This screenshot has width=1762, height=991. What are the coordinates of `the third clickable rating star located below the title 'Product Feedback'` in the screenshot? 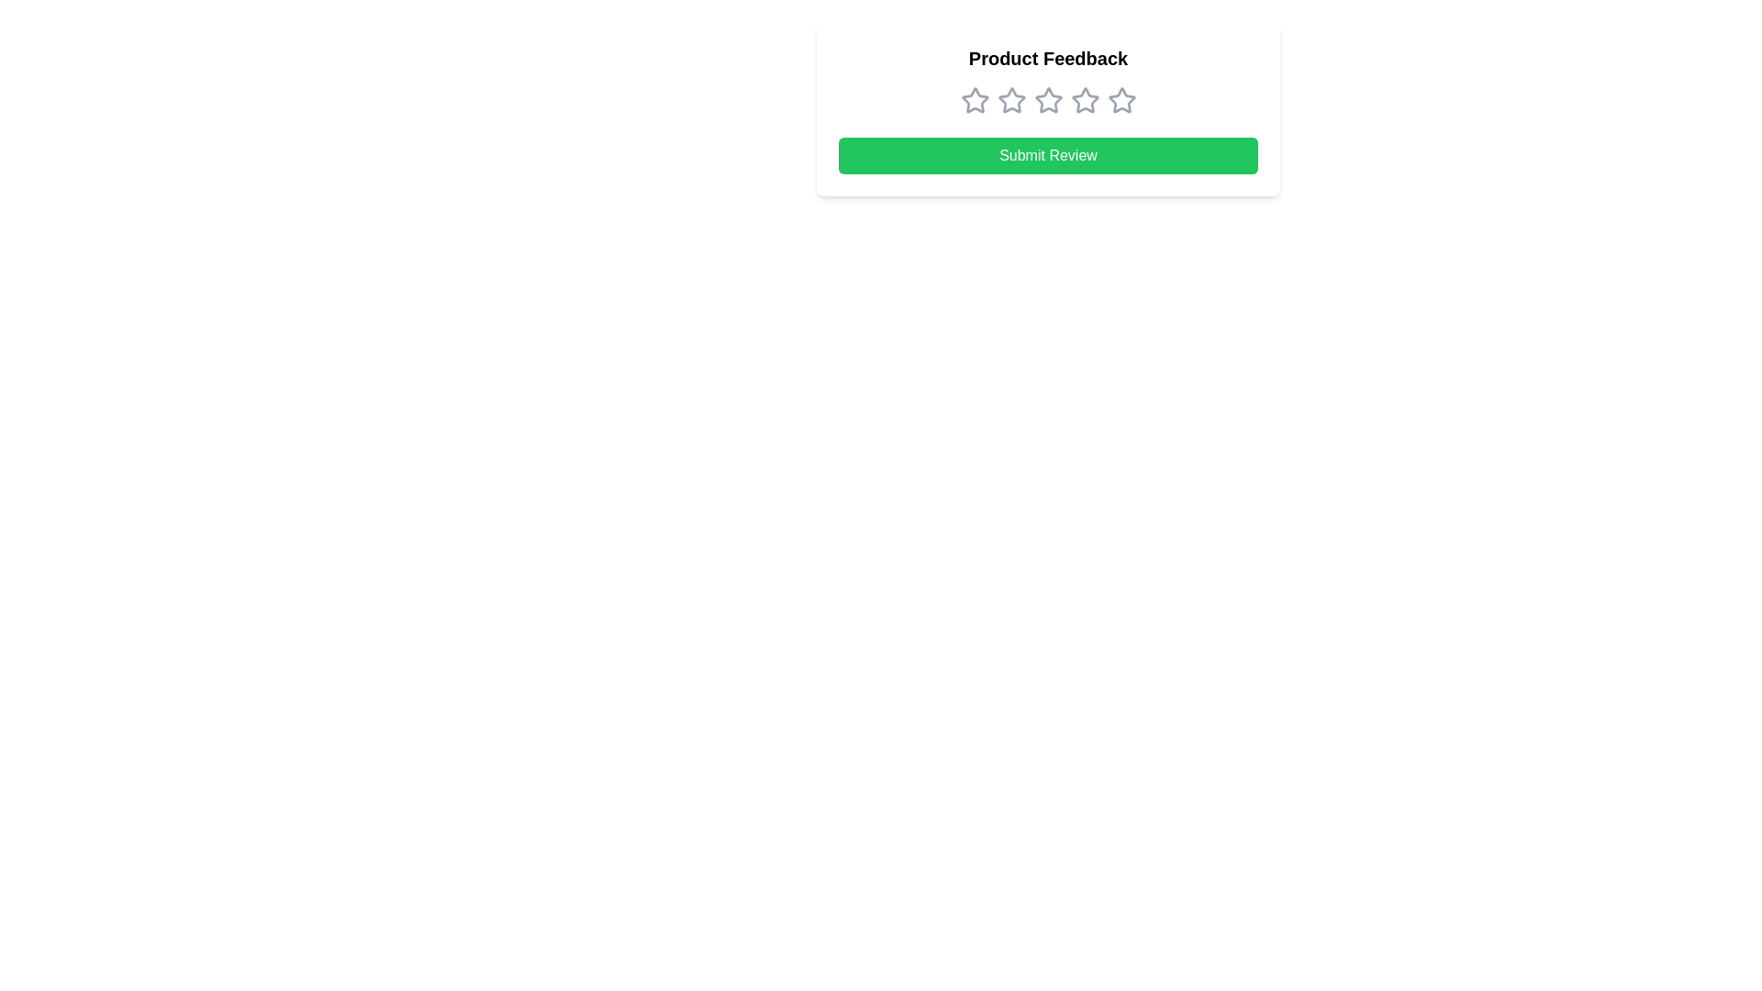 It's located at (1048, 101).